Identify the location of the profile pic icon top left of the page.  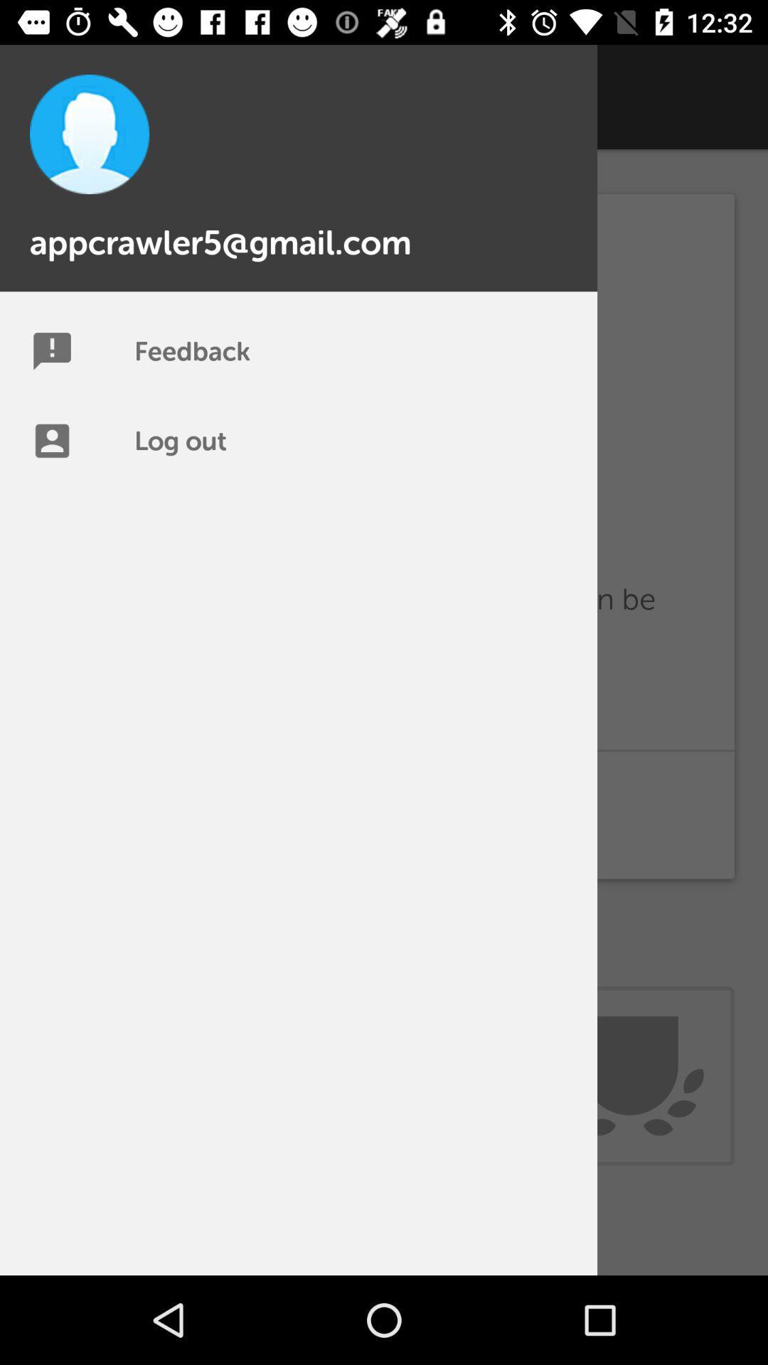
(90, 134).